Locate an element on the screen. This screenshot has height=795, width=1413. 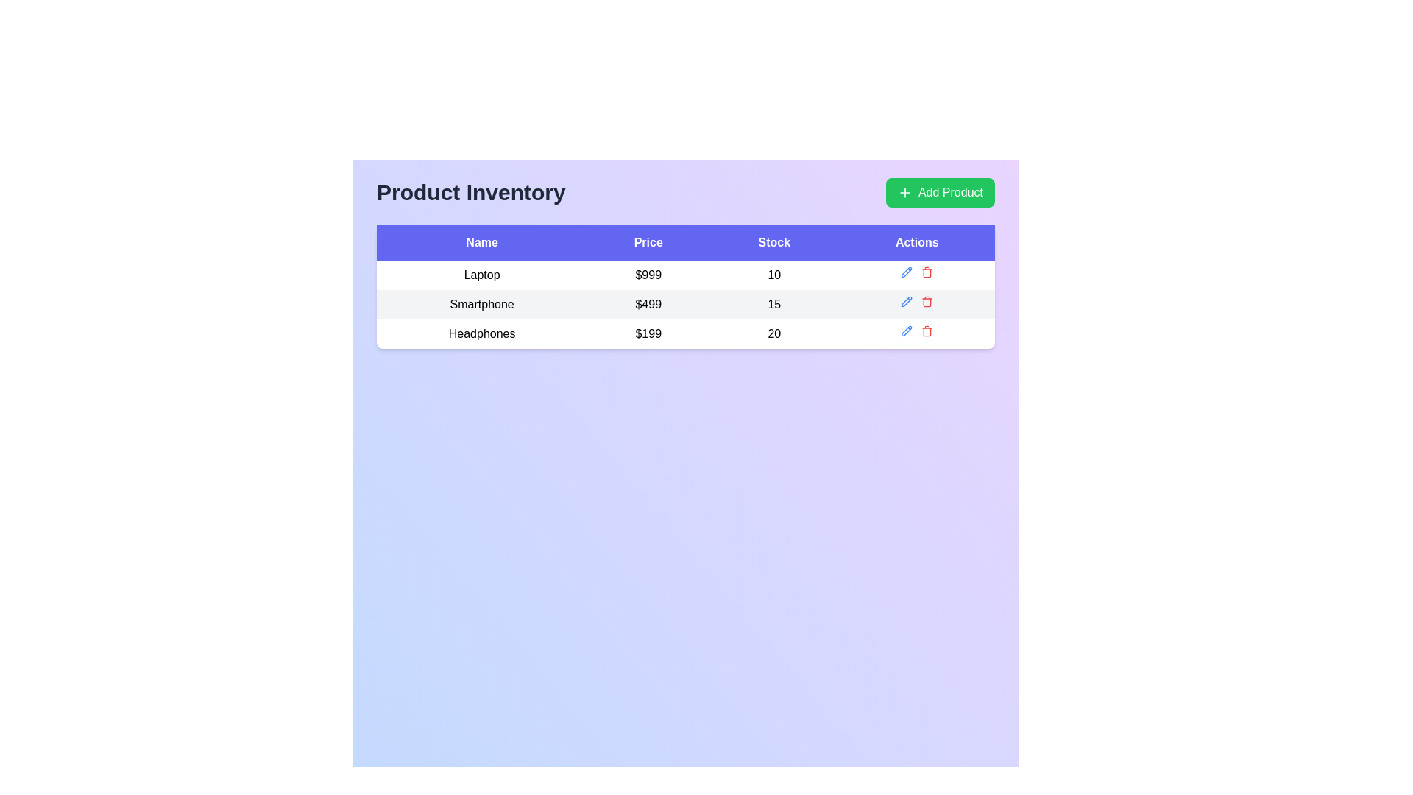
static text heading that indicates the content below pertains to 'Product Inventory' is located at coordinates (471, 192).